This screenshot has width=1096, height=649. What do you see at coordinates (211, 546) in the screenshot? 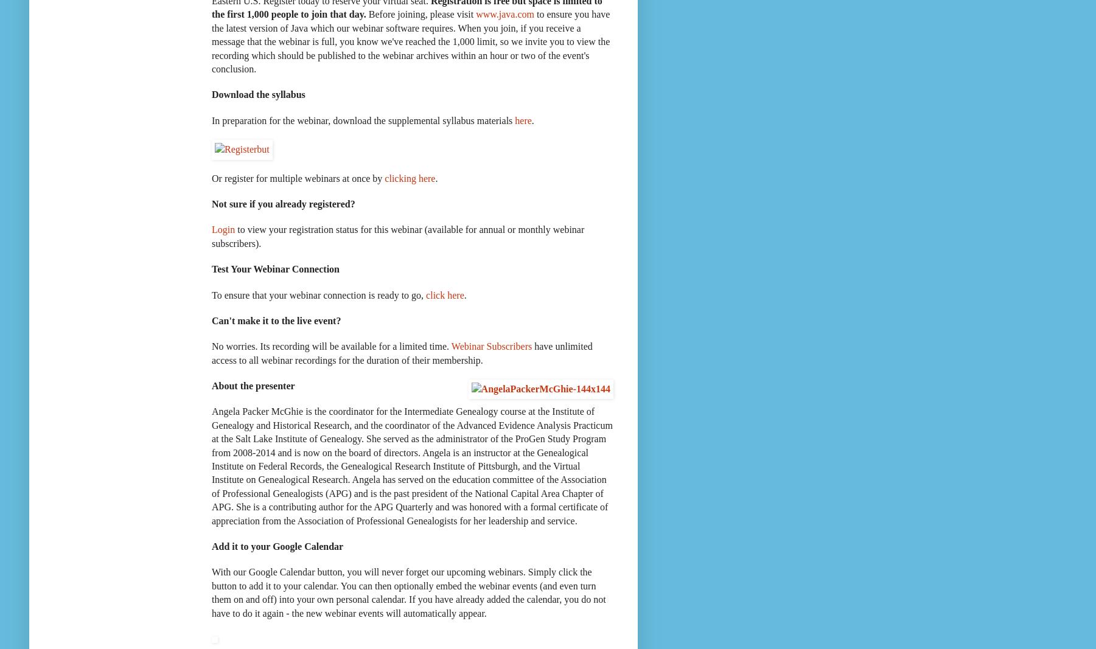
I see `'Add it to your Google Calendar'` at bounding box center [211, 546].